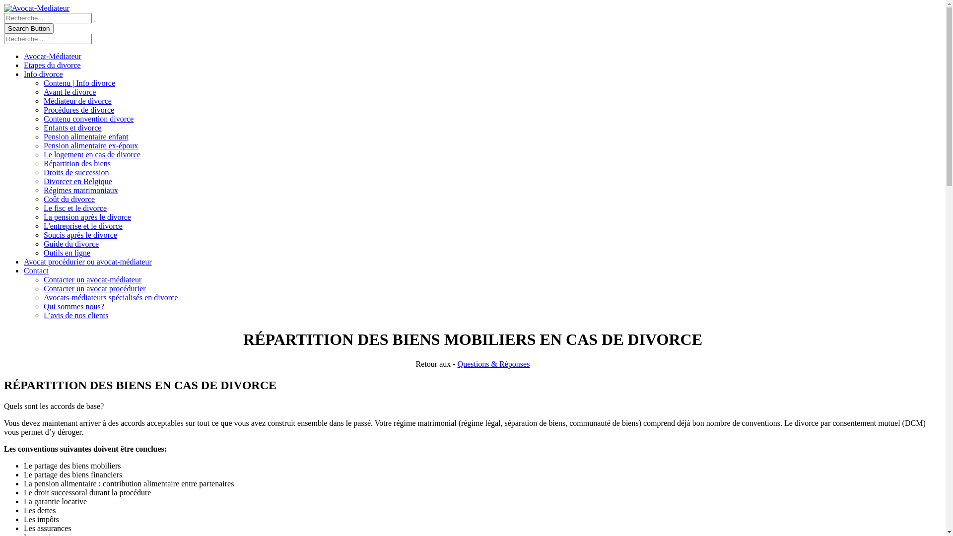 The width and height of the screenshot is (953, 536). I want to click on ' ', so click(95, 38).